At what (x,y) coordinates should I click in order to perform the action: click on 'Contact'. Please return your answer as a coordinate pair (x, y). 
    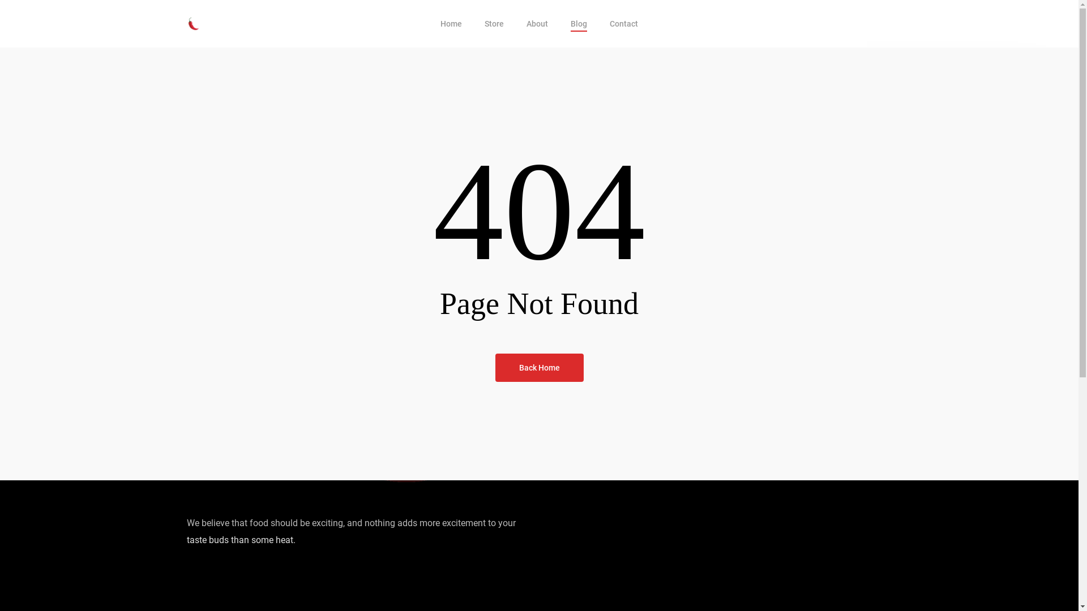
    Looking at the image, I should click on (609, 24).